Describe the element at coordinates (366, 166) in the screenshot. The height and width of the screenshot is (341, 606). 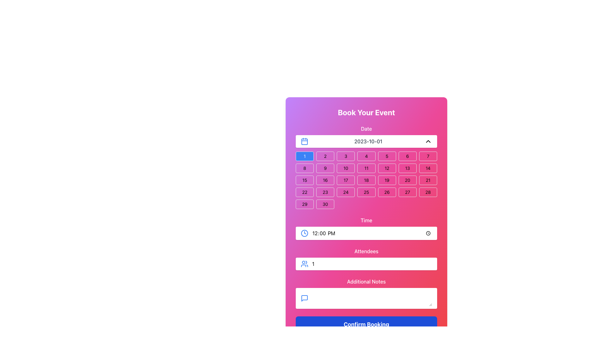
I see `the interactive calendar grid cell that contains the date '11' in the third row` at that location.